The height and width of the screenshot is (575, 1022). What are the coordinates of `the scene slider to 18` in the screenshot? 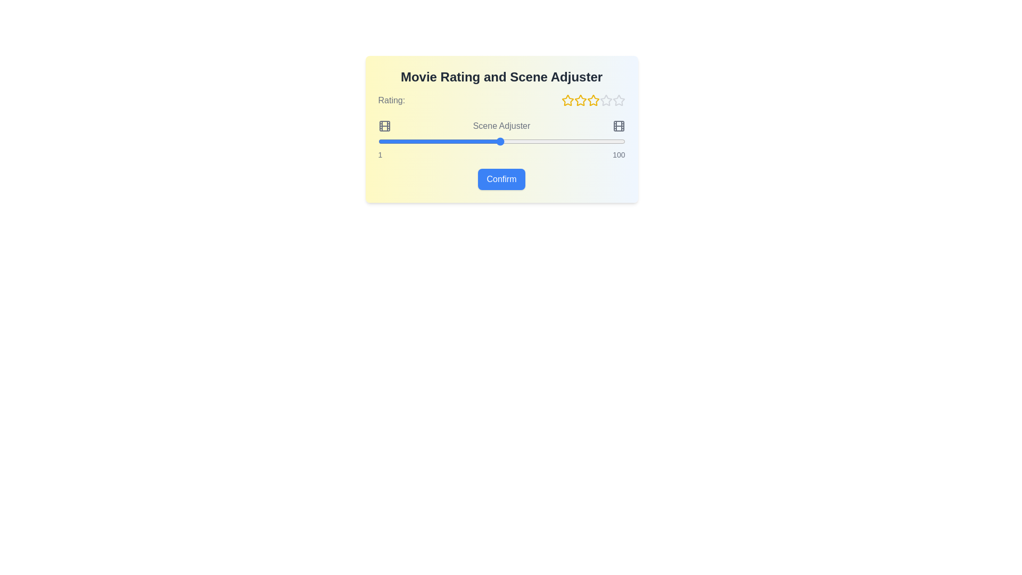 It's located at (420, 141).